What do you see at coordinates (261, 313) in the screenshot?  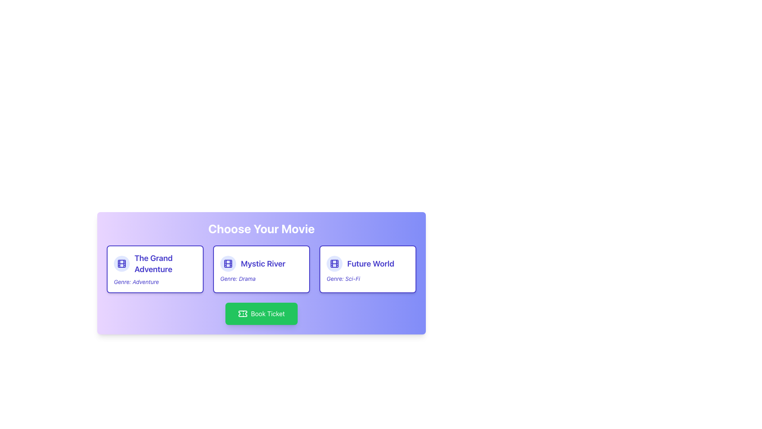 I see `the distinct green rectangular button labeled 'Book Ticket' to observe its hover effects` at bounding box center [261, 313].